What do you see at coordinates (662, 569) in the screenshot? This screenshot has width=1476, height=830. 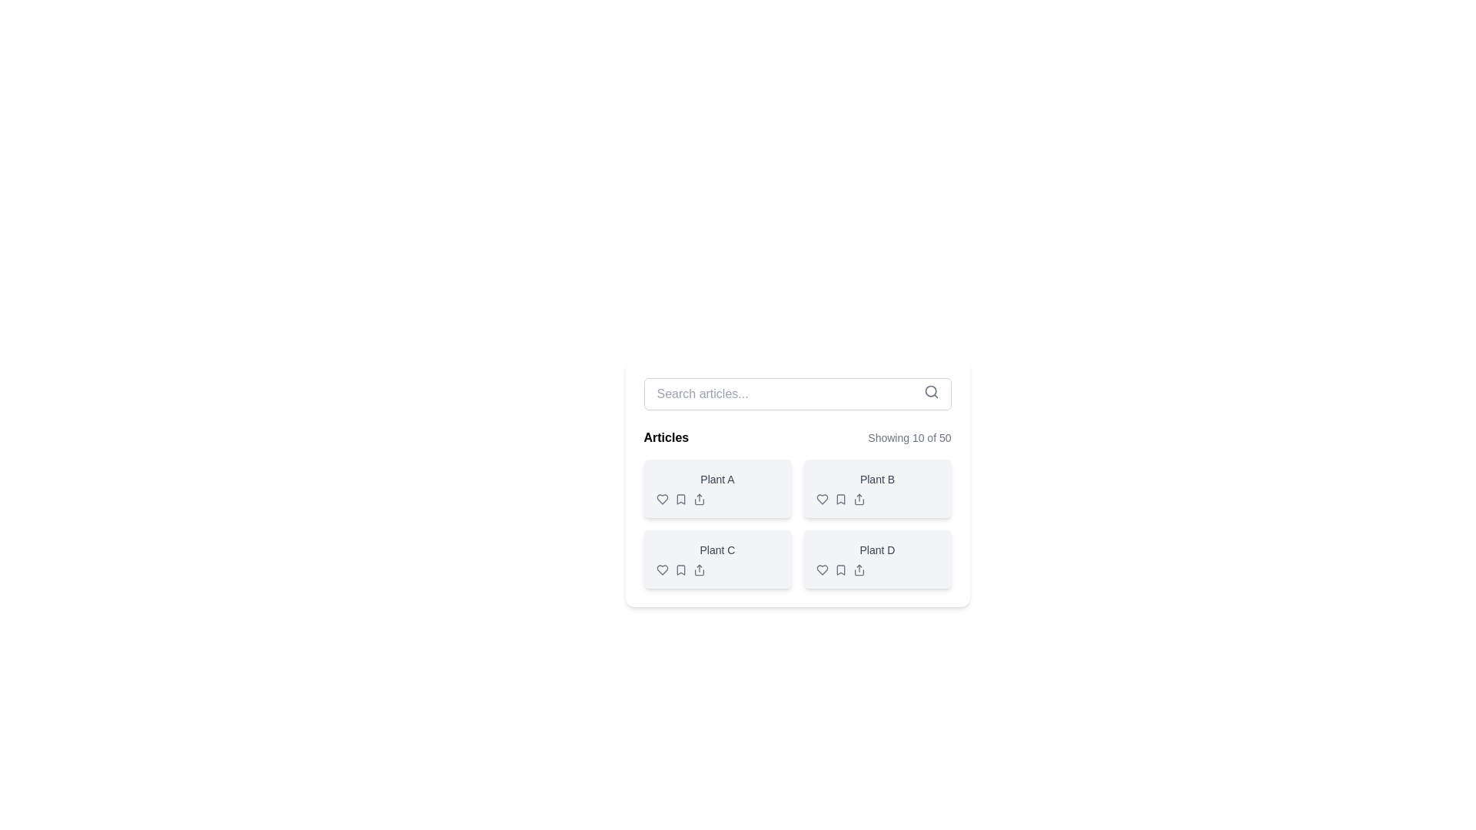 I see `the heart icon located in the bottom-left corner of the card labeled 'Plant C' in the 'Articles' section to indicate the option to like or mark it as a favorite` at bounding box center [662, 569].